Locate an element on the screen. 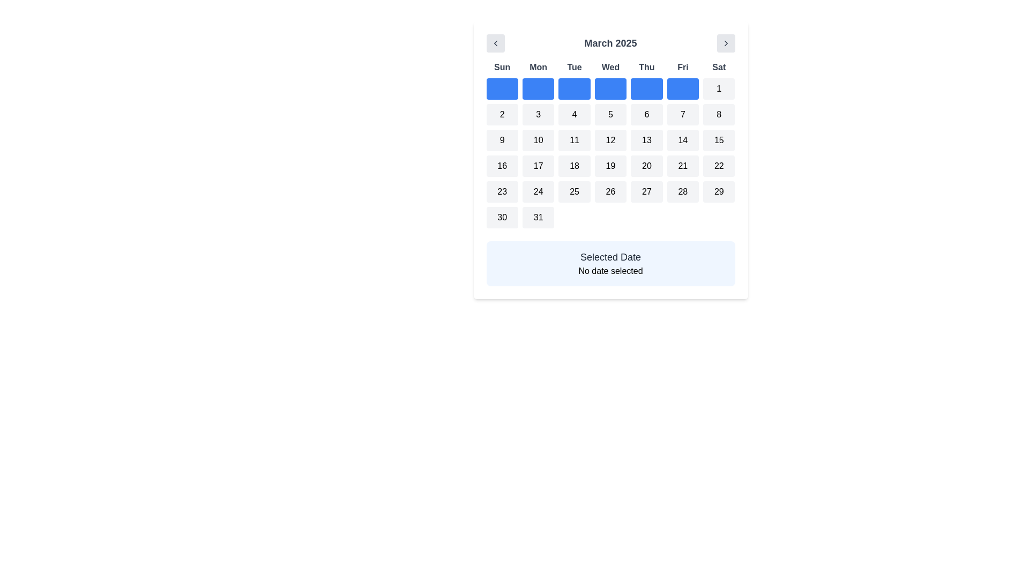 This screenshot has height=579, width=1029. the rectangular button with rounded corners labeled '25' is located at coordinates (574, 191).